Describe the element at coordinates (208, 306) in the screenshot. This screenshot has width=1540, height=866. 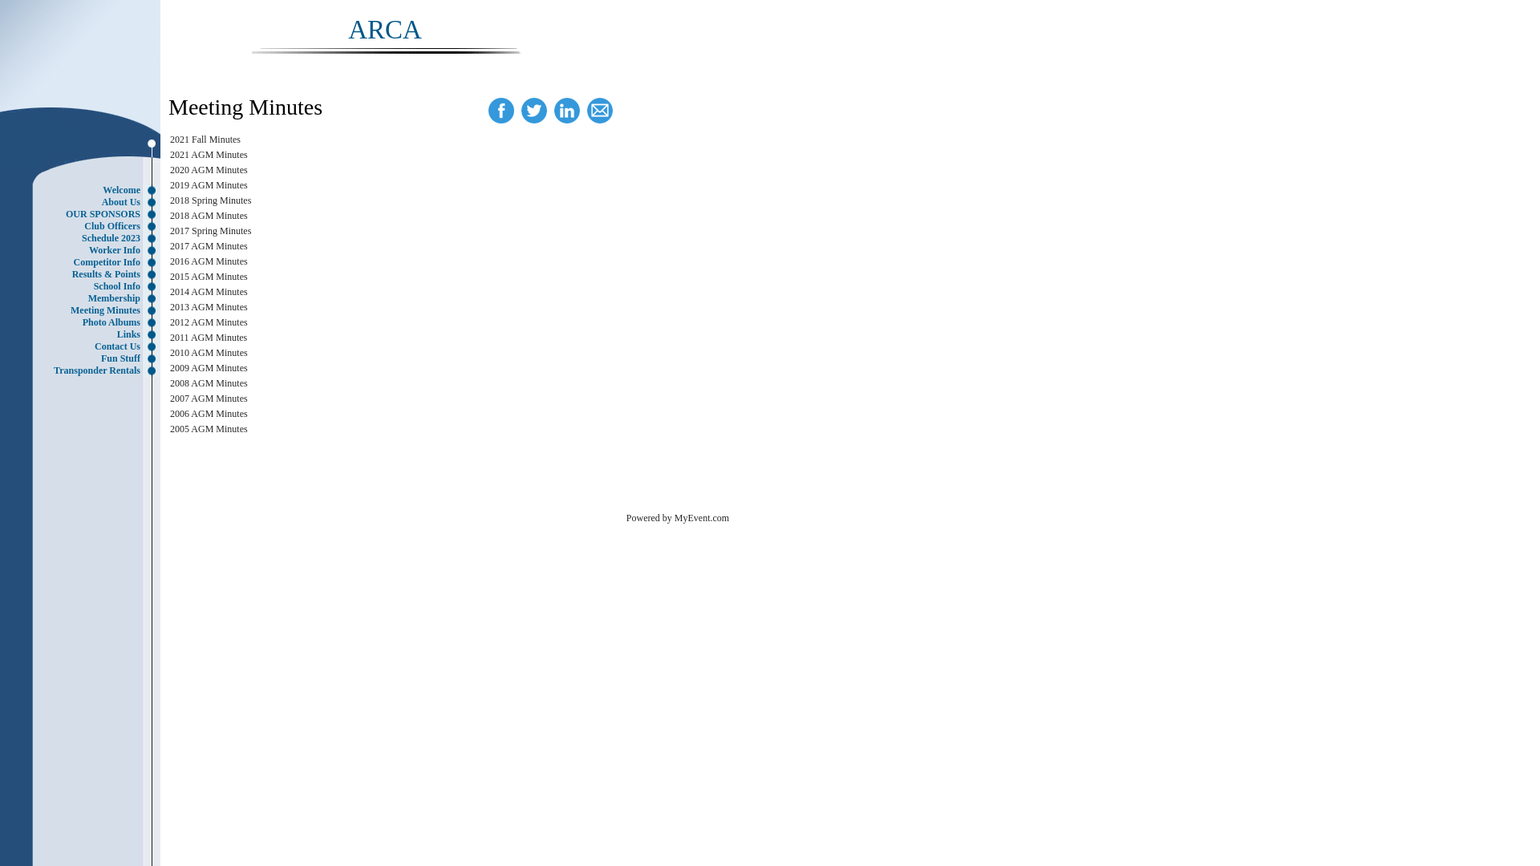
I see `'2013 AGM Minutes'` at that location.